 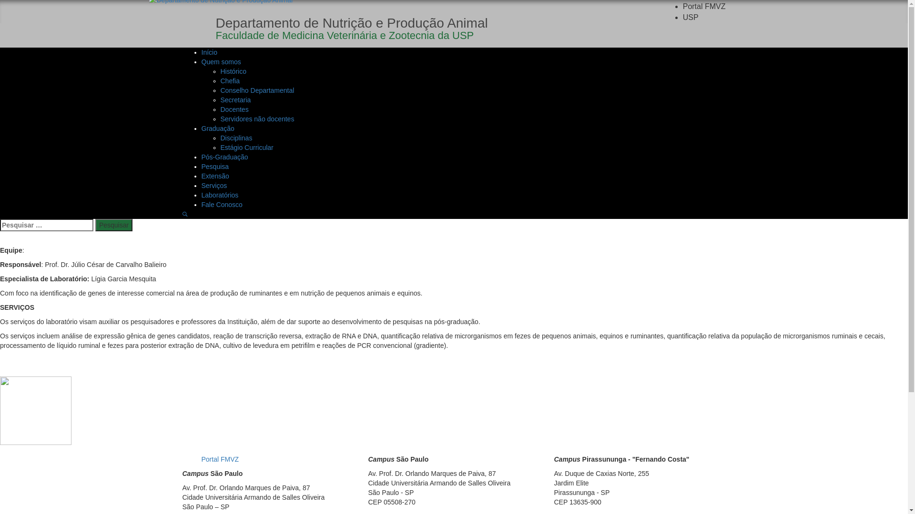 I want to click on 'Conselho Departamental', so click(x=257, y=90).